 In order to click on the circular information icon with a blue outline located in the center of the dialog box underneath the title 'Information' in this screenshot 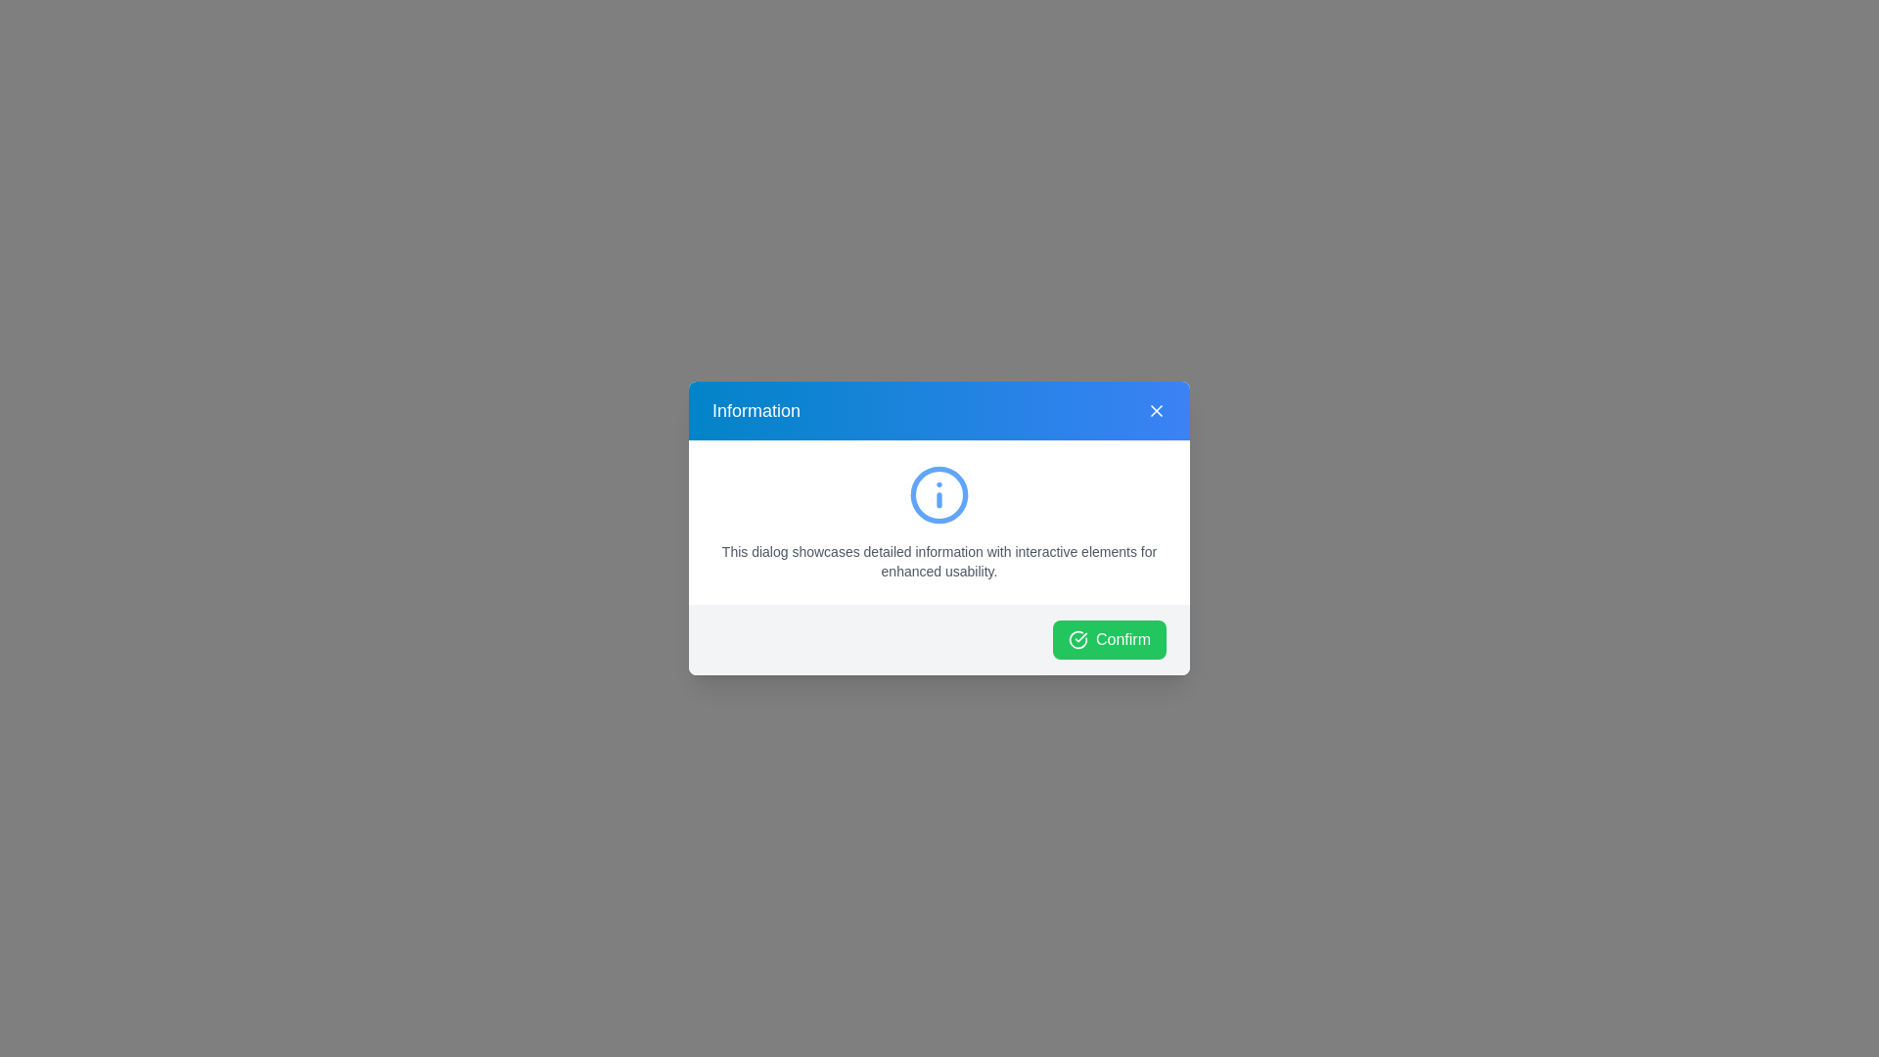, I will do `click(939, 493)`.